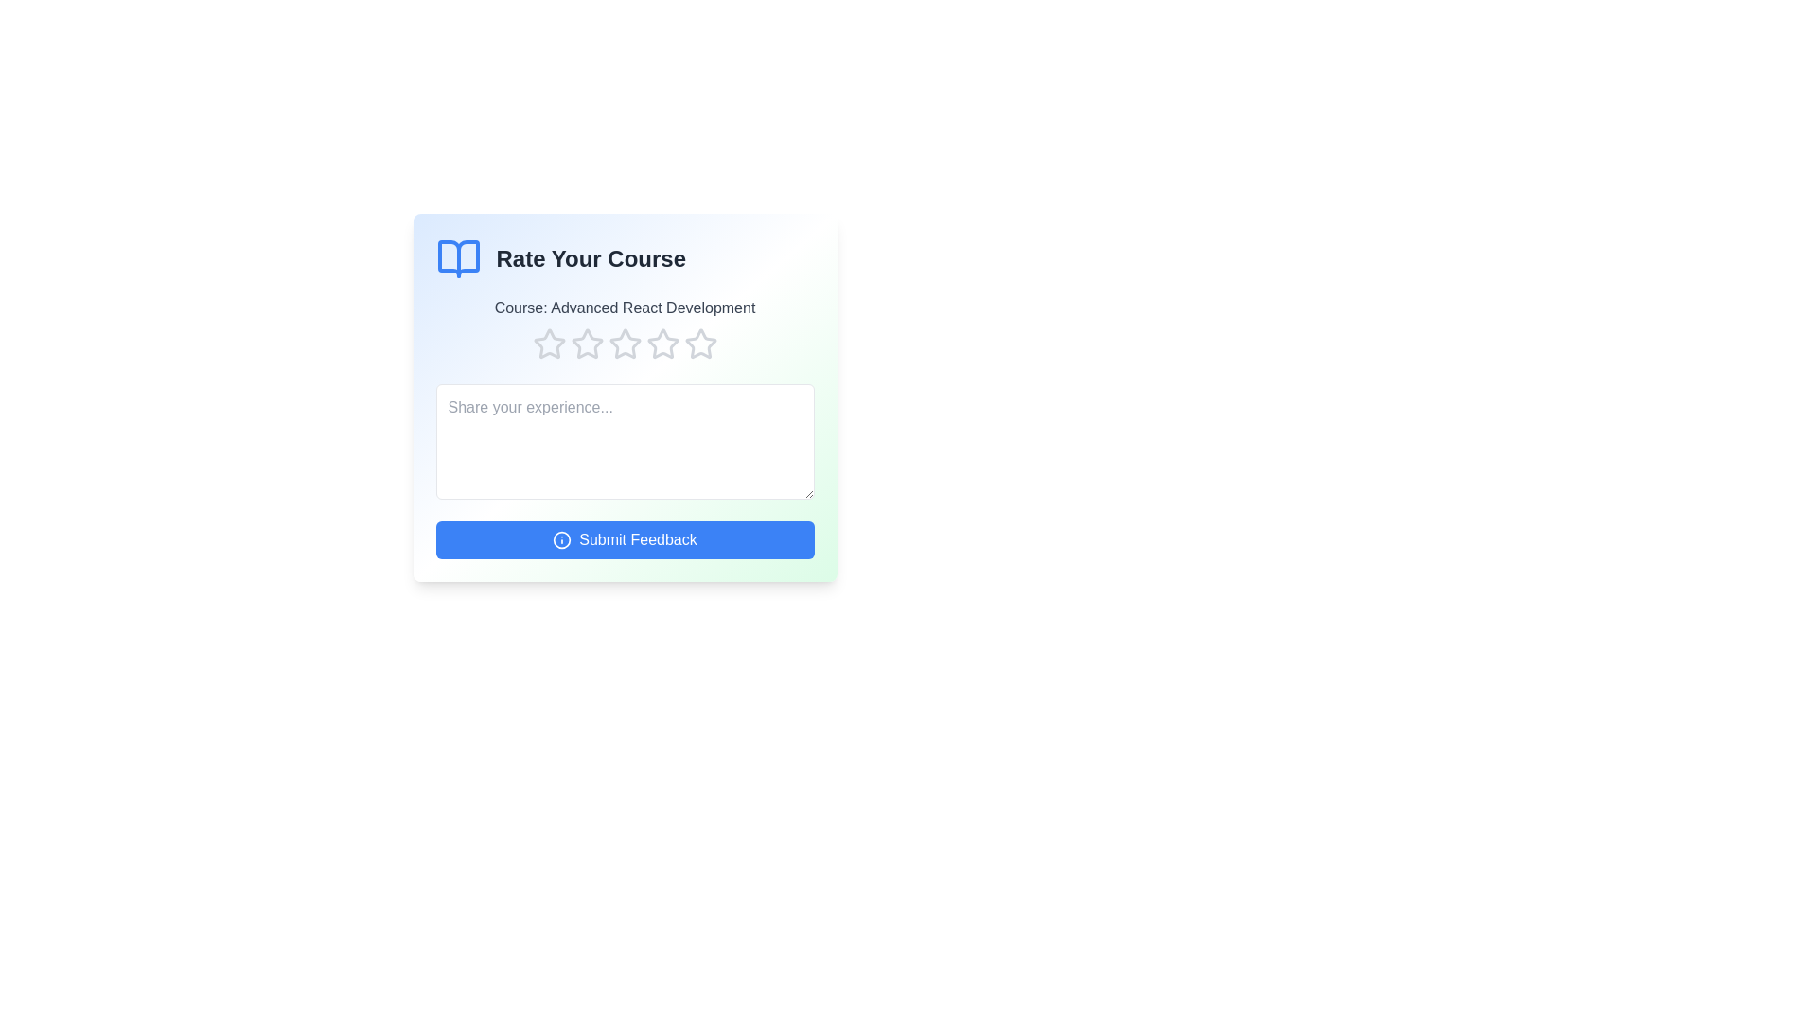  What do you see at coordinates (662, 344) in the screenshot?
I see `the course rating to 4 stars by clicking on the corresponding star` at bounding box center [662, 344].